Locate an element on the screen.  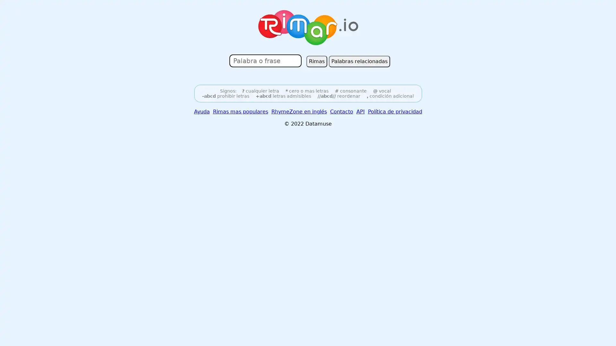
Rimas is located at coordinates (316, 61).